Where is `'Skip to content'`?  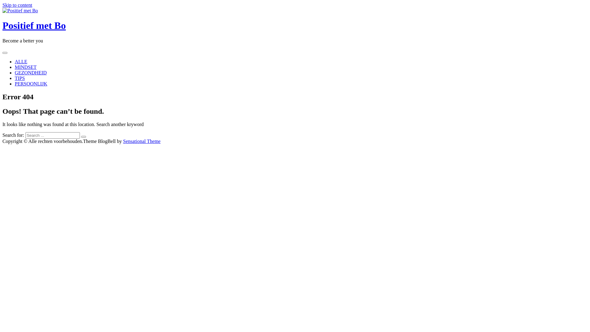
'Skip to content' is located at coordinates (17, 5).